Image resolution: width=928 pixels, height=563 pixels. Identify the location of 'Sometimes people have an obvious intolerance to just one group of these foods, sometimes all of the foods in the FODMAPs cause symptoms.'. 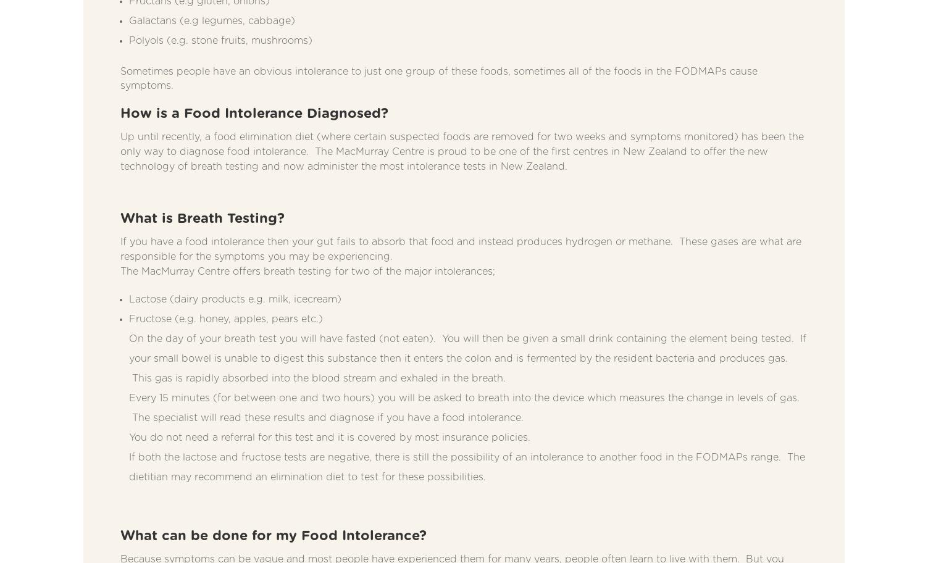
(439, 78).